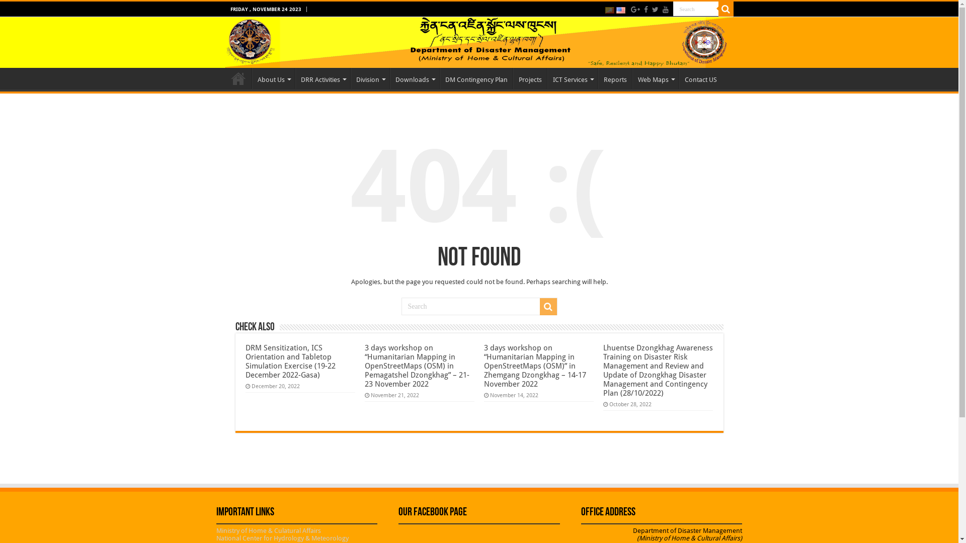 The height and width of the screenshot is (543, 966). I want to click on 'Twitter', so click(655, 10).